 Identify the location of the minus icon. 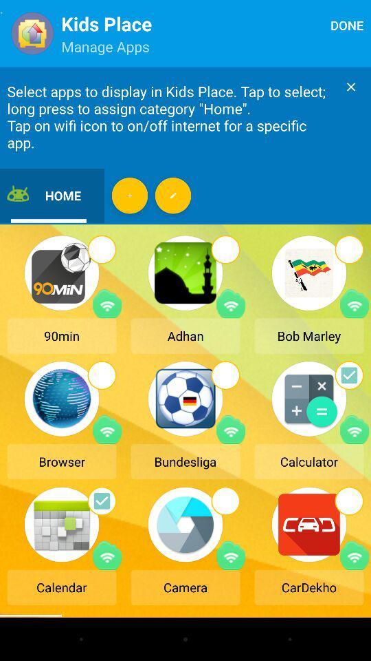
(130, 195).